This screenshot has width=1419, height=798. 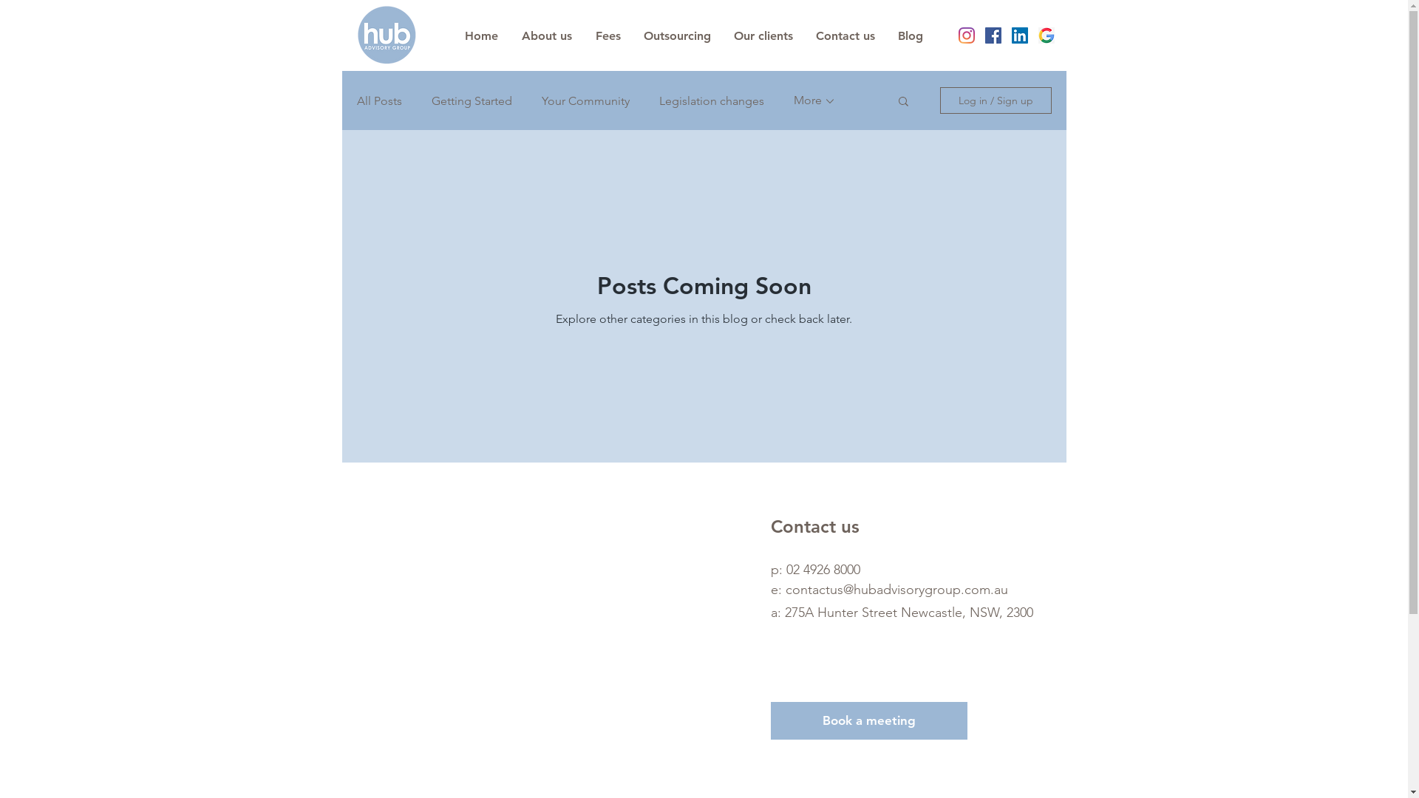 I want to click on 'Log in / Sign up', so click(x=996, y=100).